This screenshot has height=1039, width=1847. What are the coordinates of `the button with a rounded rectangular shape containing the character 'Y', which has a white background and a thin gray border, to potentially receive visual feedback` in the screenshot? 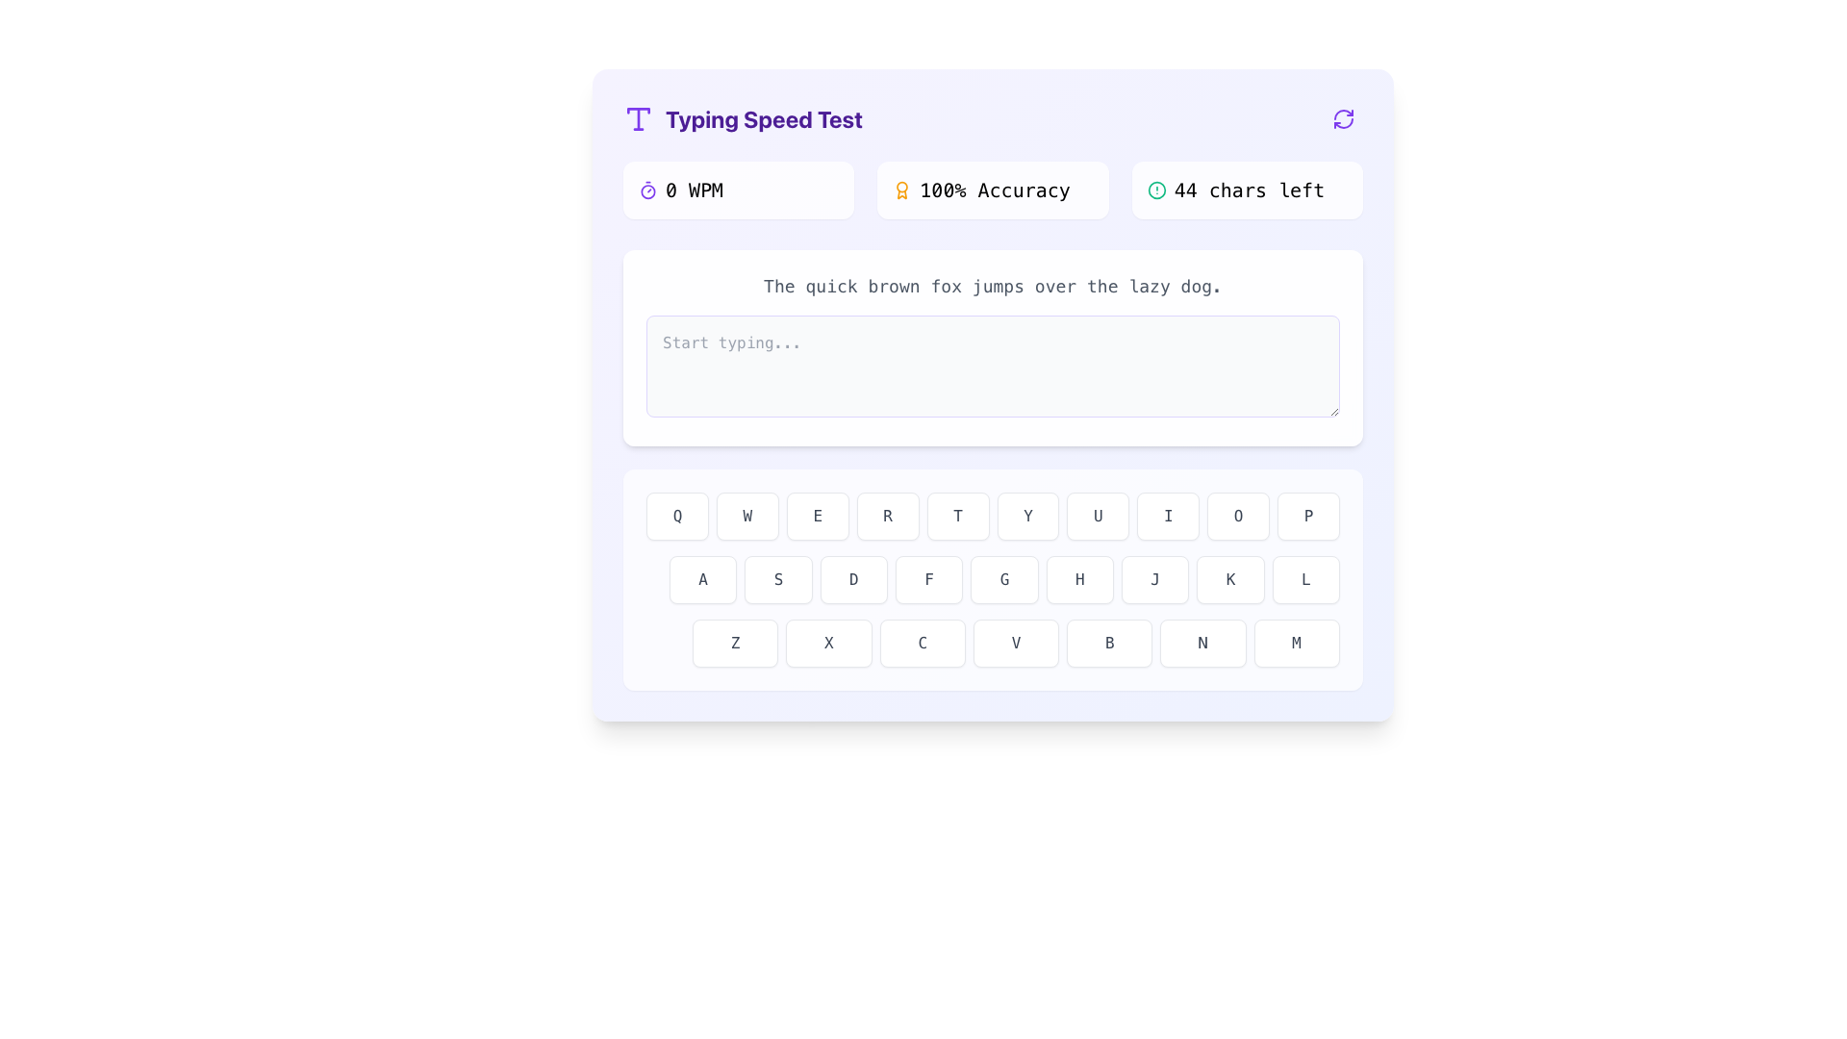 It's located at (1026, 515).